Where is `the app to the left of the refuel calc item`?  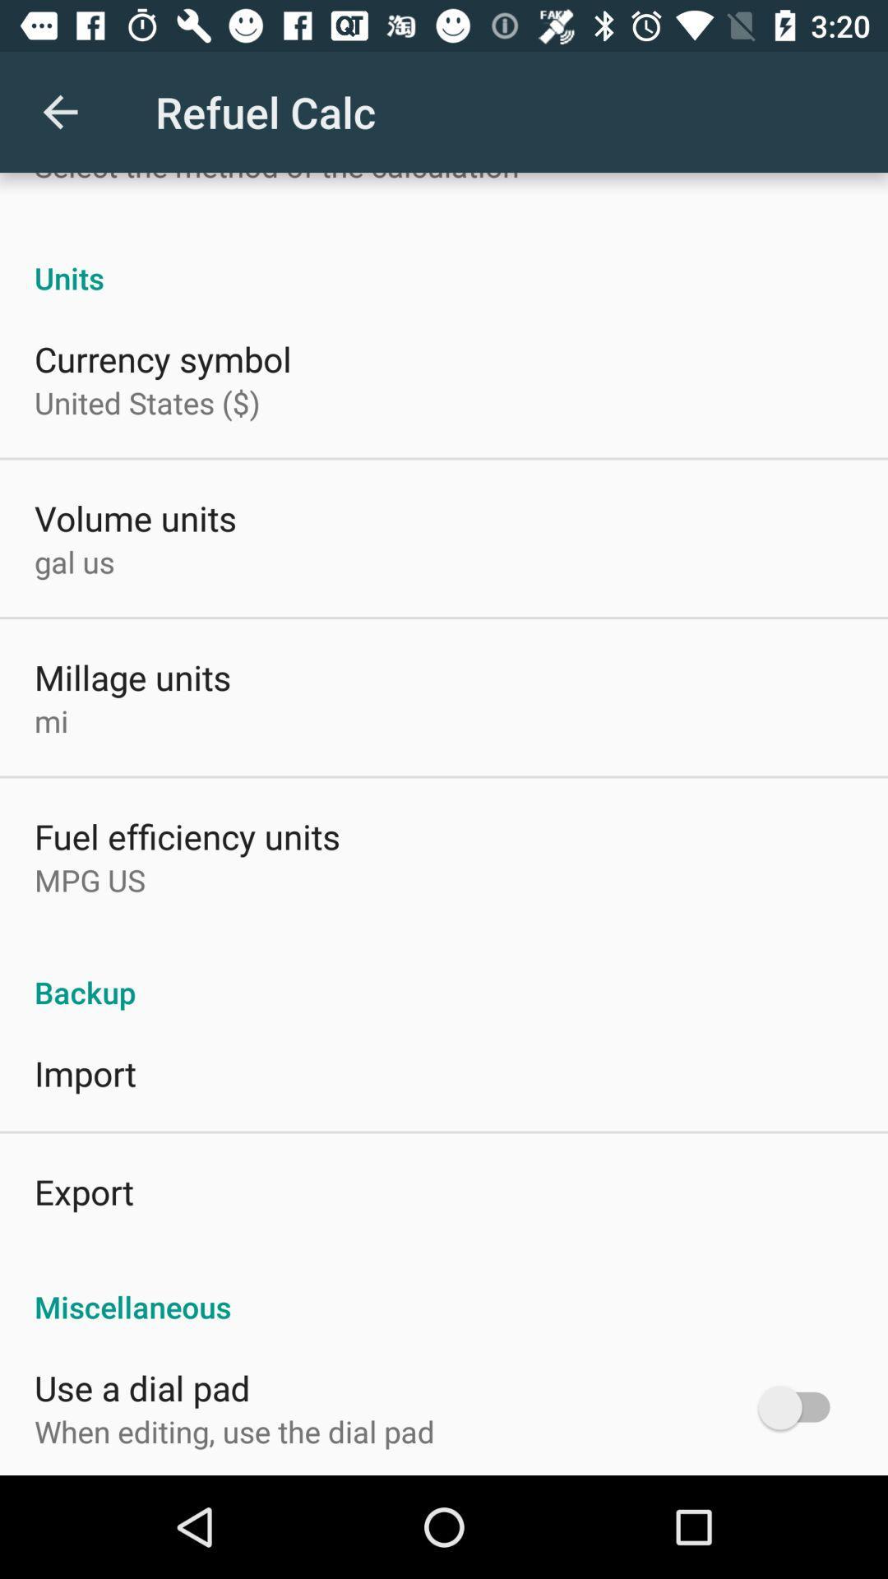
the app to the left of the refuel calc item is located at coordinates (59, 111).